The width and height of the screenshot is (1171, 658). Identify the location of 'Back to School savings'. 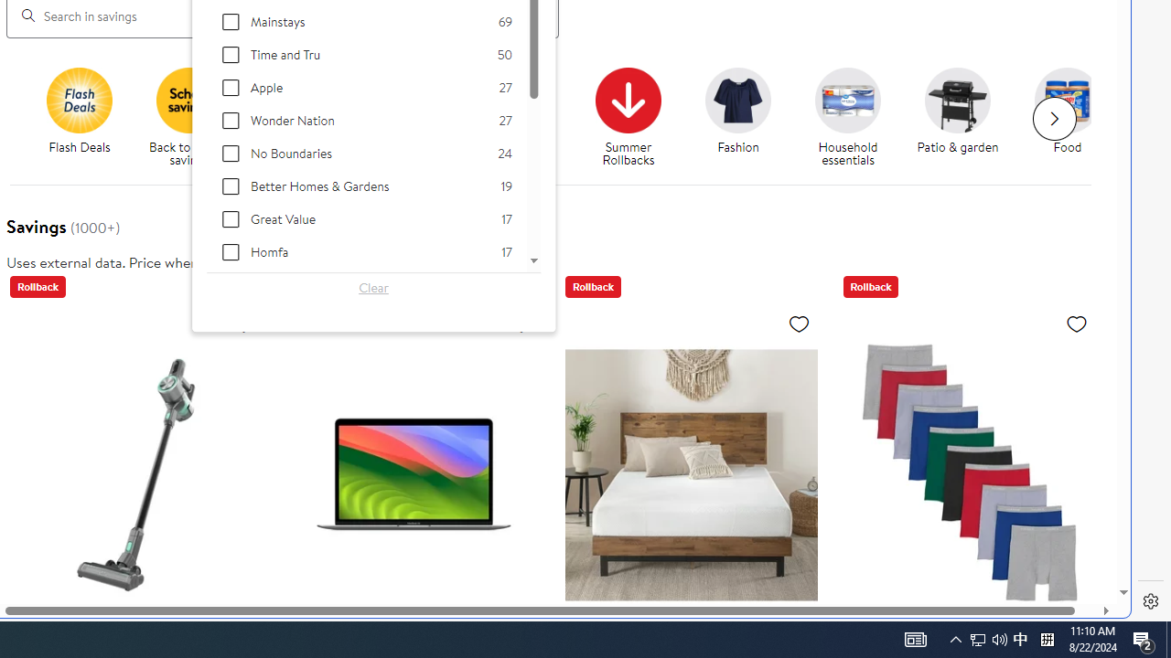
(189, 100).